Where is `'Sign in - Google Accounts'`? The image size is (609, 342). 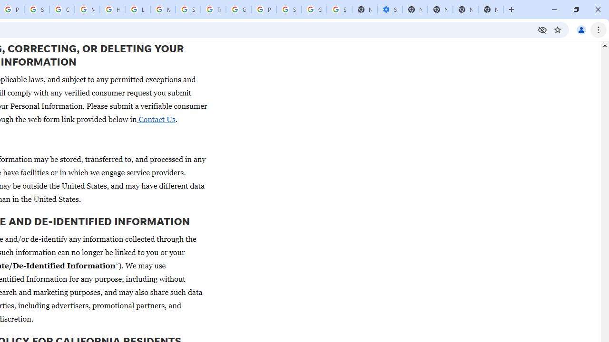
'Sign in - Google Accounts' is located at coordinates (37, 9).